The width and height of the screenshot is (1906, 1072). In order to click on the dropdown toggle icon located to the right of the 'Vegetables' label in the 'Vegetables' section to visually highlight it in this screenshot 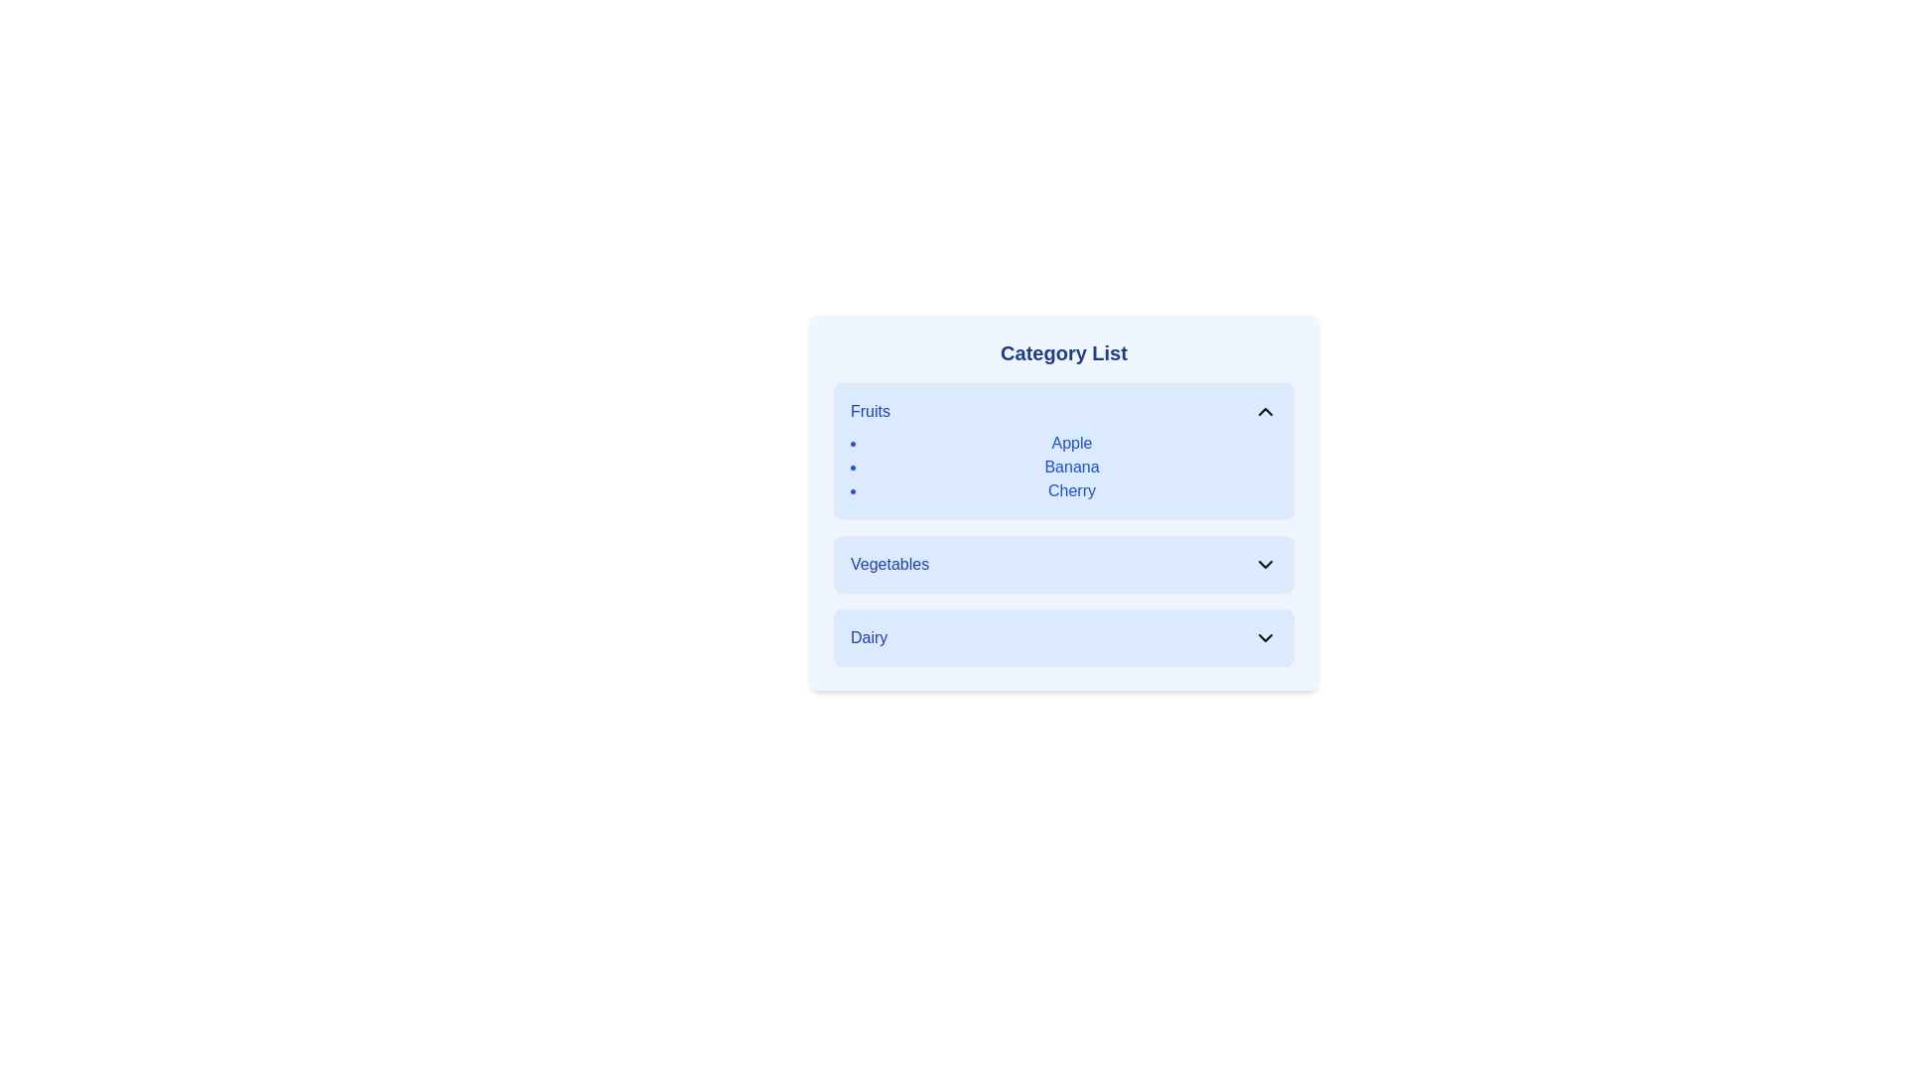, I will do `click(1265, 565)`.